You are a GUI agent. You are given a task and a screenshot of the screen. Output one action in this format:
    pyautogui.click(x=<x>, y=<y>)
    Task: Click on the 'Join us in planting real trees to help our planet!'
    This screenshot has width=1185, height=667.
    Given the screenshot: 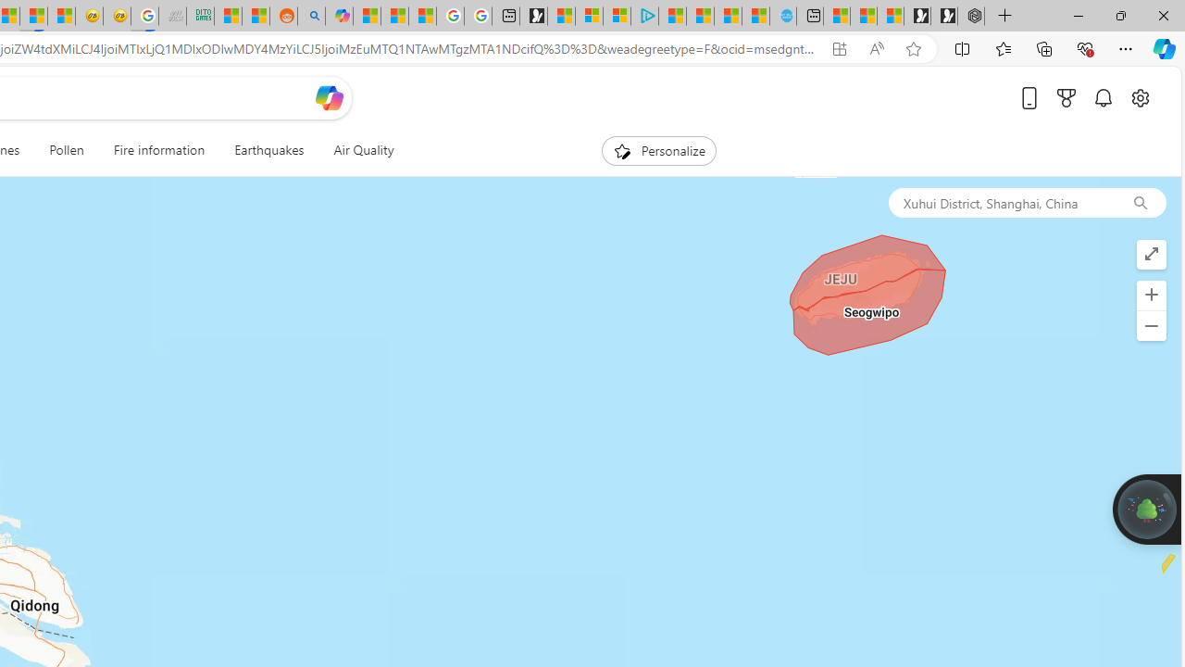 What is the action you would take?
    pyautogui.click(x=1146, y=509)
    